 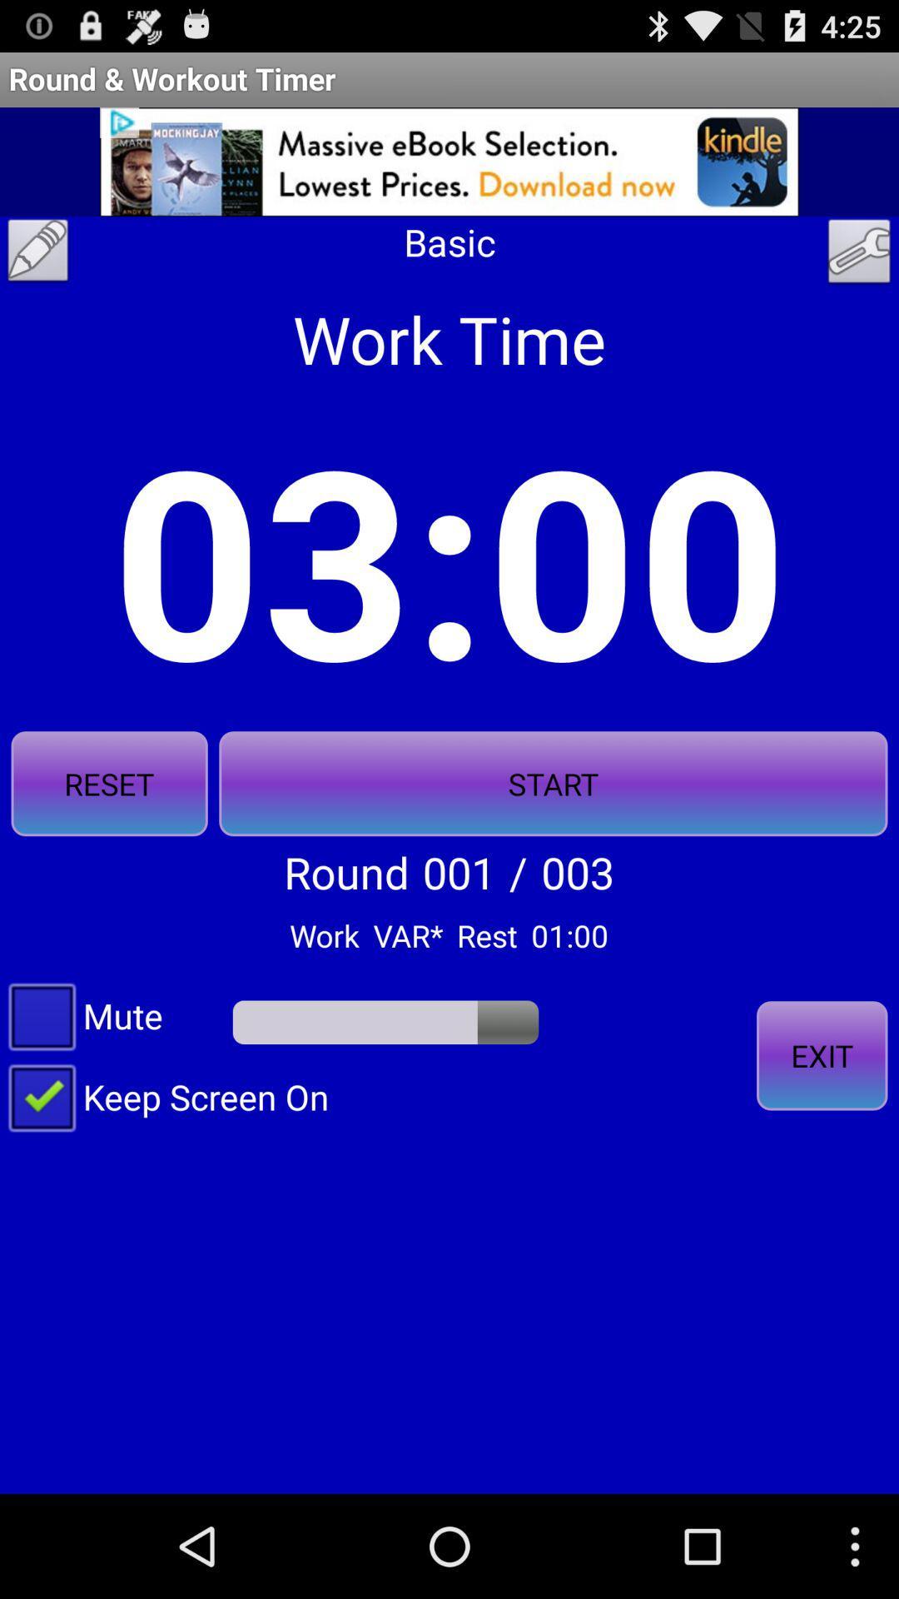 What do you see at coordinates (164, 1096) in the screenshot?
I see `the keep screen on` at bounding box center [164, 1096].